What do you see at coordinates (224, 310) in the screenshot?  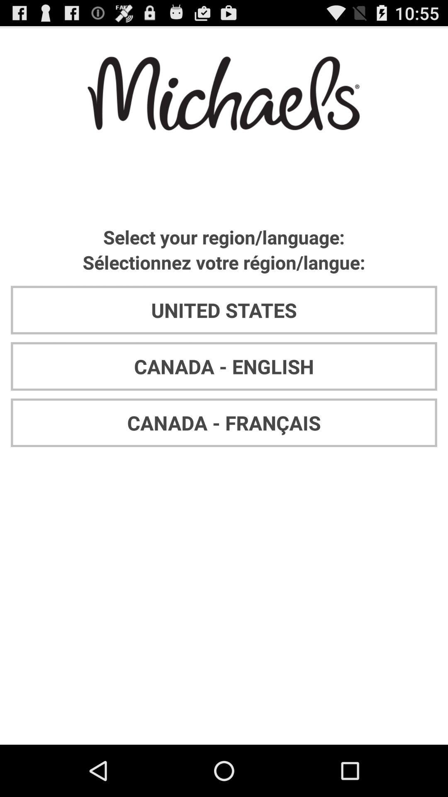 I see `the united states item` at bounding box center [224, 310].